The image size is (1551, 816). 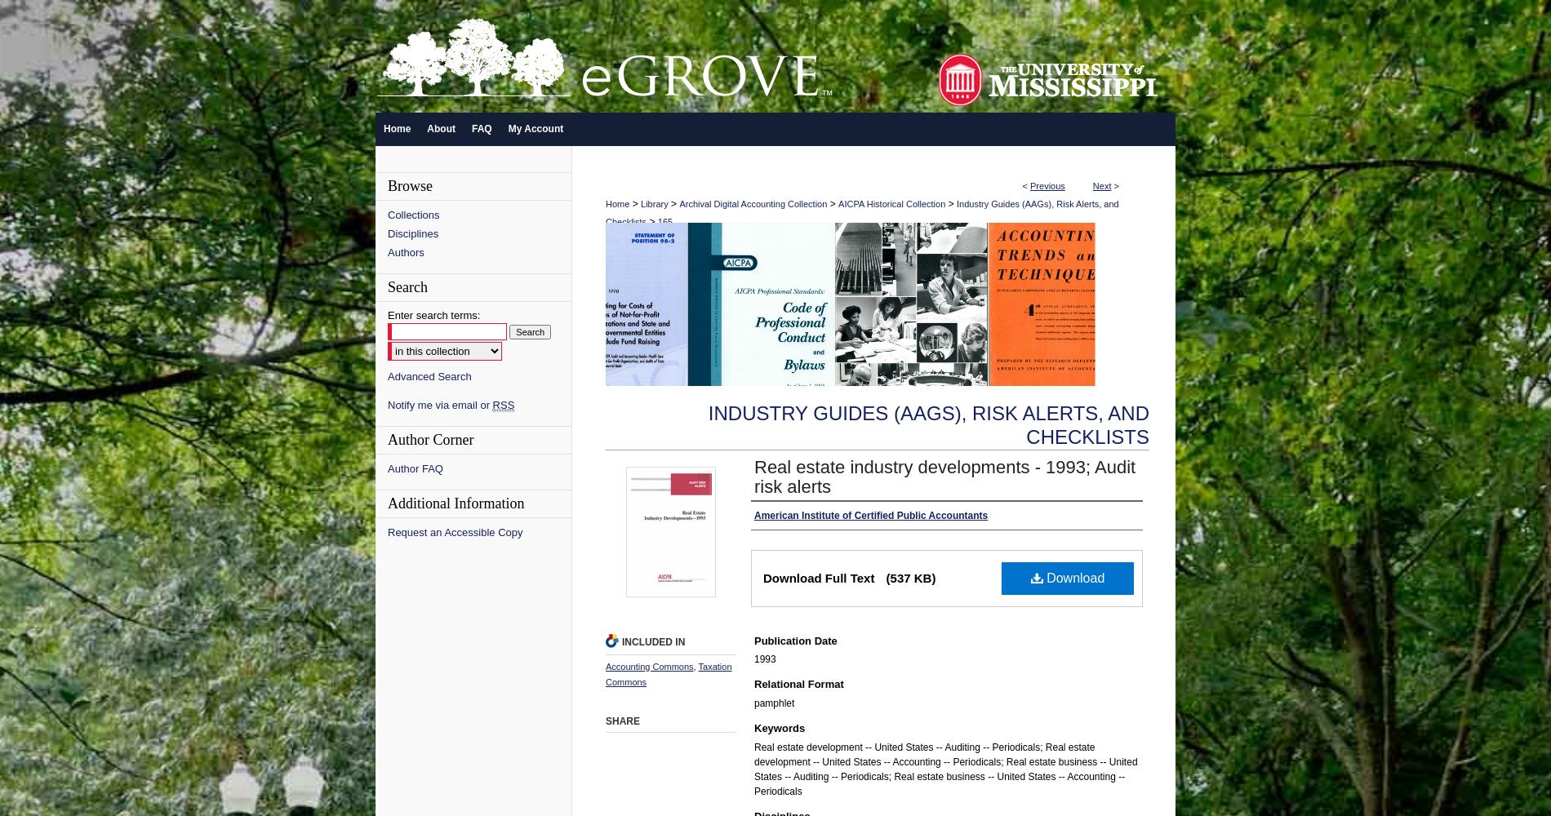 What do you see at coordinates (413, 215) in the screenshot?
I see `'Collections'` at bounding box center [413, 215].